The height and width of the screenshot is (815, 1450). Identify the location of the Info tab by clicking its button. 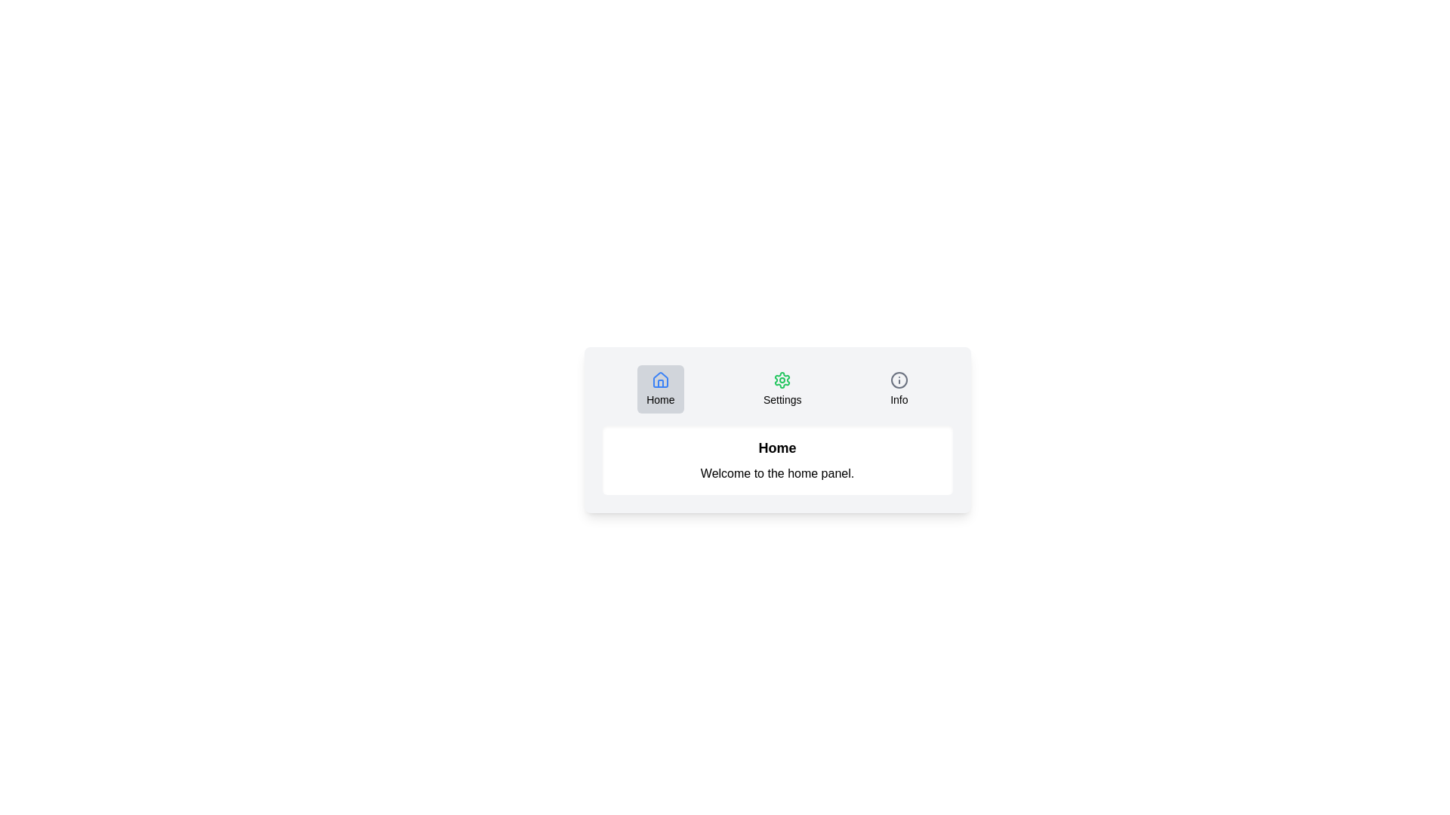
(899, 389).